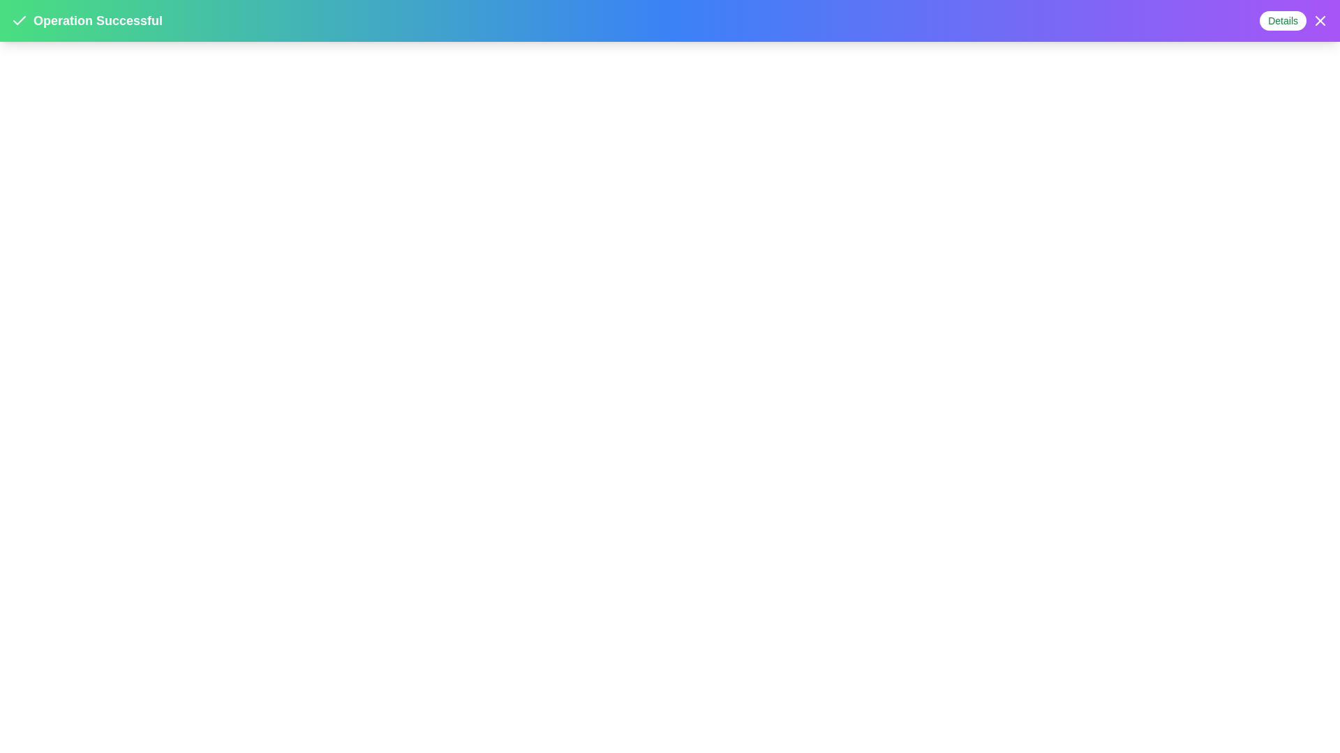 This screenshot has height=753, width=1340. I want to click on the text label displaying 'Operation Successful', which is styled in large bold font and located in the upper-left quadrant with a green background, so click(97, 21).